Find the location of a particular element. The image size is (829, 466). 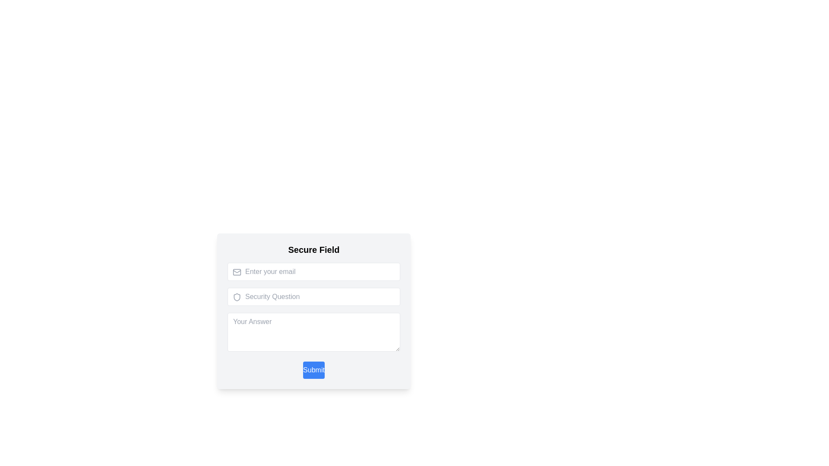

the 'Submit' button located at the bottom of the form is located at coordinates (313, 369).